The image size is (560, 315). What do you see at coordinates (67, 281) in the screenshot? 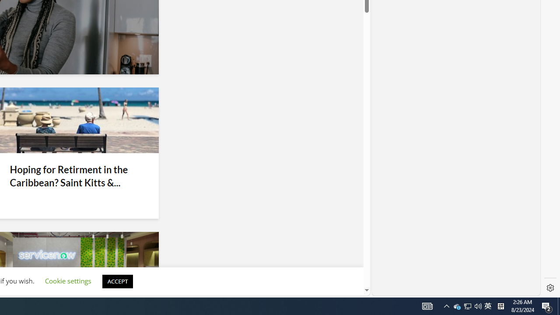
I see `'Cookie settings'` at bounding box center [67, 281].